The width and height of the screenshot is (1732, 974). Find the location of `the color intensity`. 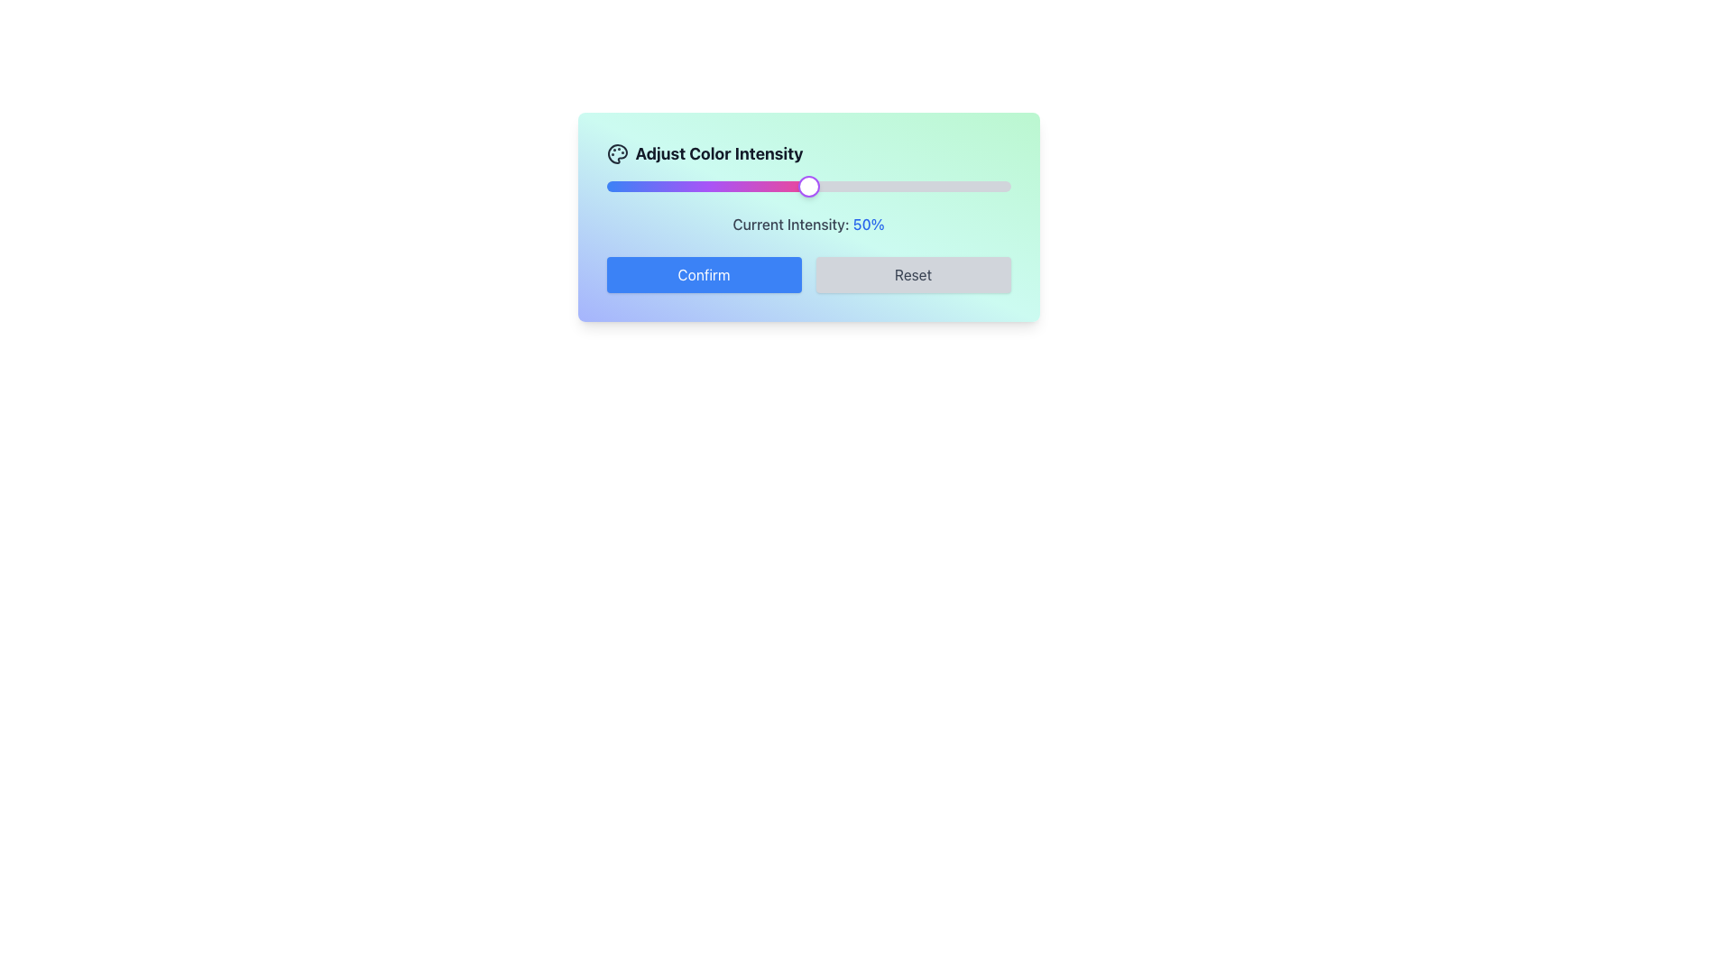

the color intensity is located at coordinates (703, 187).